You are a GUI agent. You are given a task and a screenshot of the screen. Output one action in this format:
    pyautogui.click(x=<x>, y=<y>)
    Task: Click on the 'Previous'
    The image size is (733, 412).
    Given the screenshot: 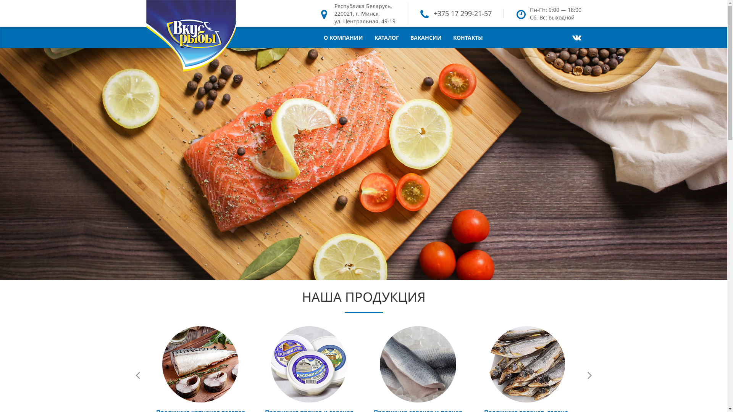 What is the action you would take?
    pyautogui.click(x=138, y=375)
    